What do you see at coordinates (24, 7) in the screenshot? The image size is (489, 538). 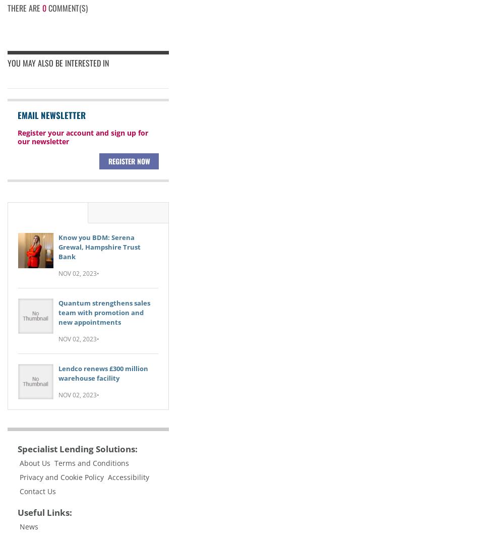 I see `'There are'` at bounding box center [24, 7].